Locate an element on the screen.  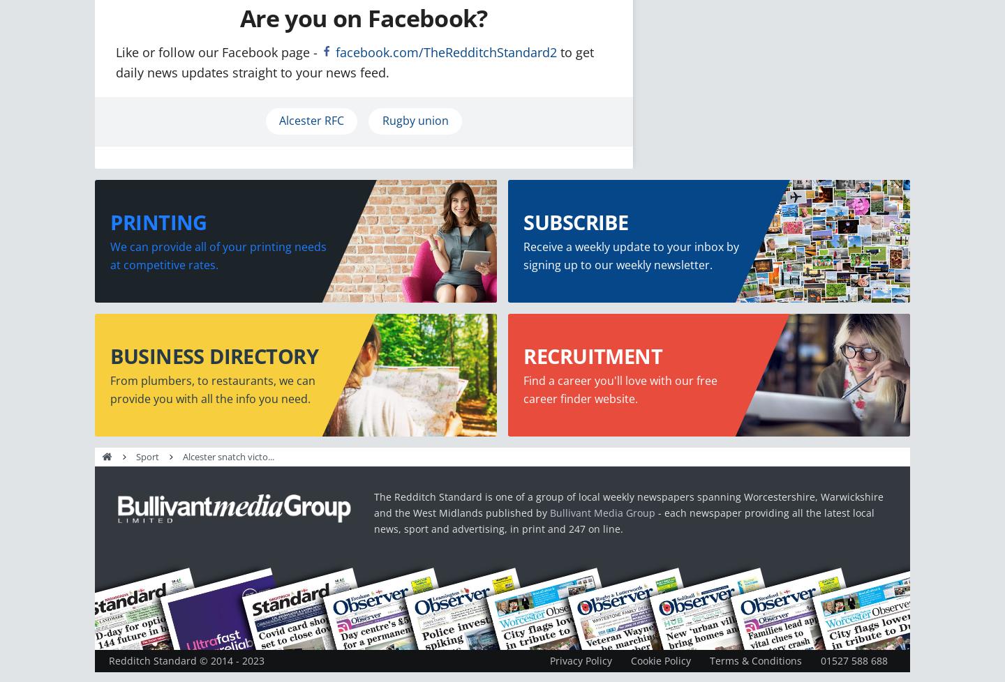
'We can provide all of your printing needs at competitive rates.' is located at coordinates (218, 255).